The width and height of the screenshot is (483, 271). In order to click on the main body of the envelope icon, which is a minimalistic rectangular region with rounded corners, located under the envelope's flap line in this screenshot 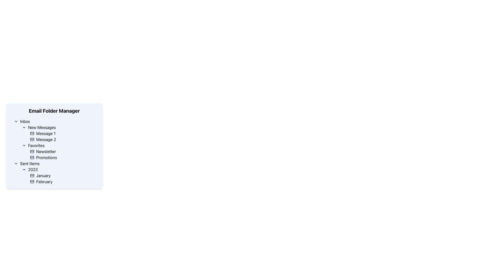, I will do `click(32, 133)`.